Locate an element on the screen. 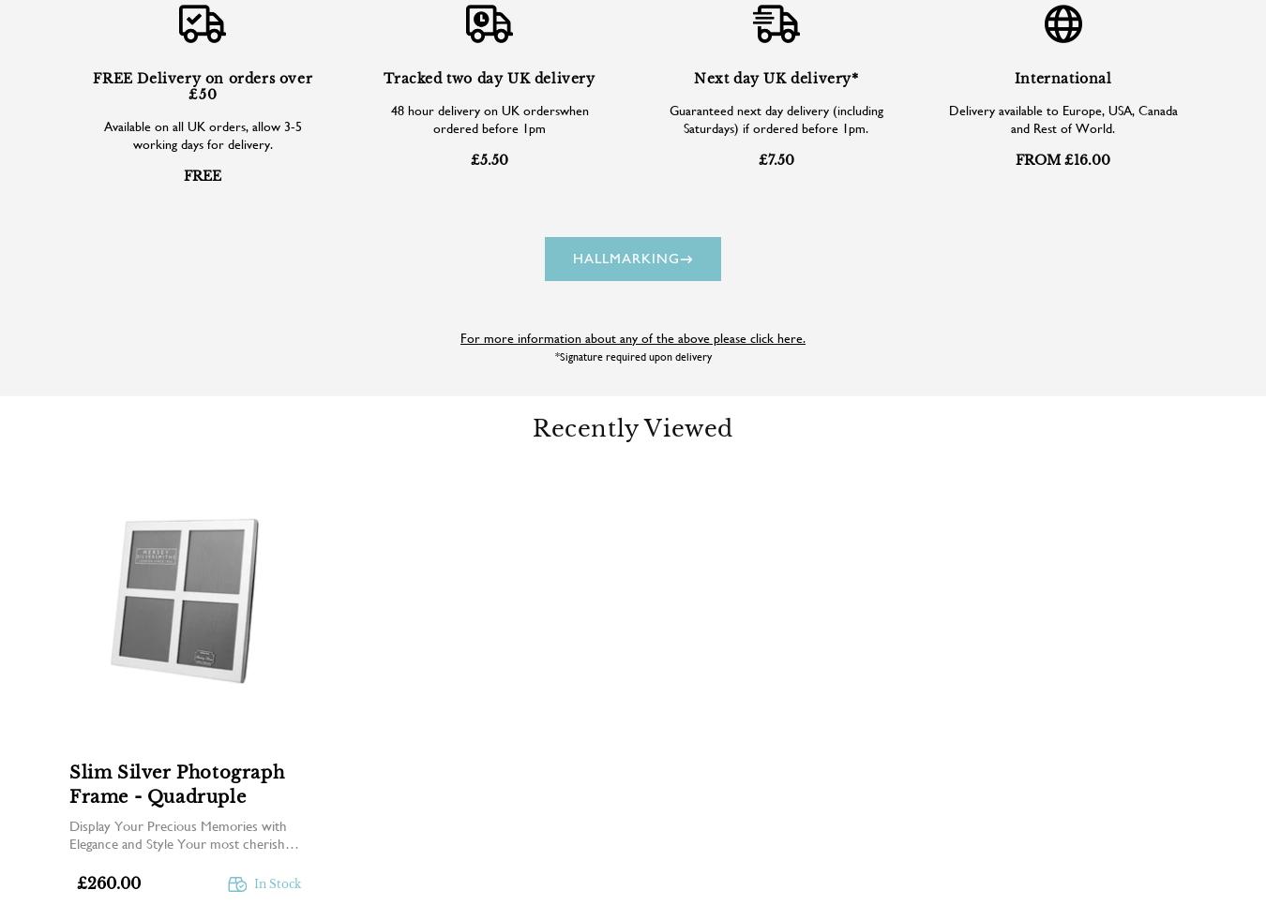 The height and width of the screenshot is (905, 1266). 'In Stock' is located at coordinates (252, 883).